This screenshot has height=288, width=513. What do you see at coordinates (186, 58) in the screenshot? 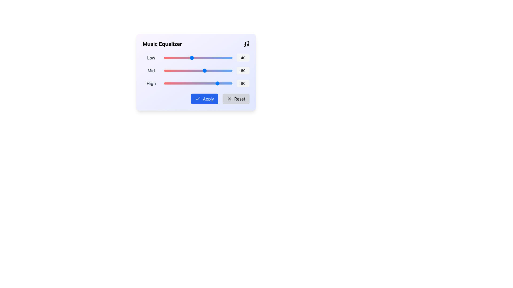
I see `the Low frequency equalizer value` at bounding box center [186, 58].